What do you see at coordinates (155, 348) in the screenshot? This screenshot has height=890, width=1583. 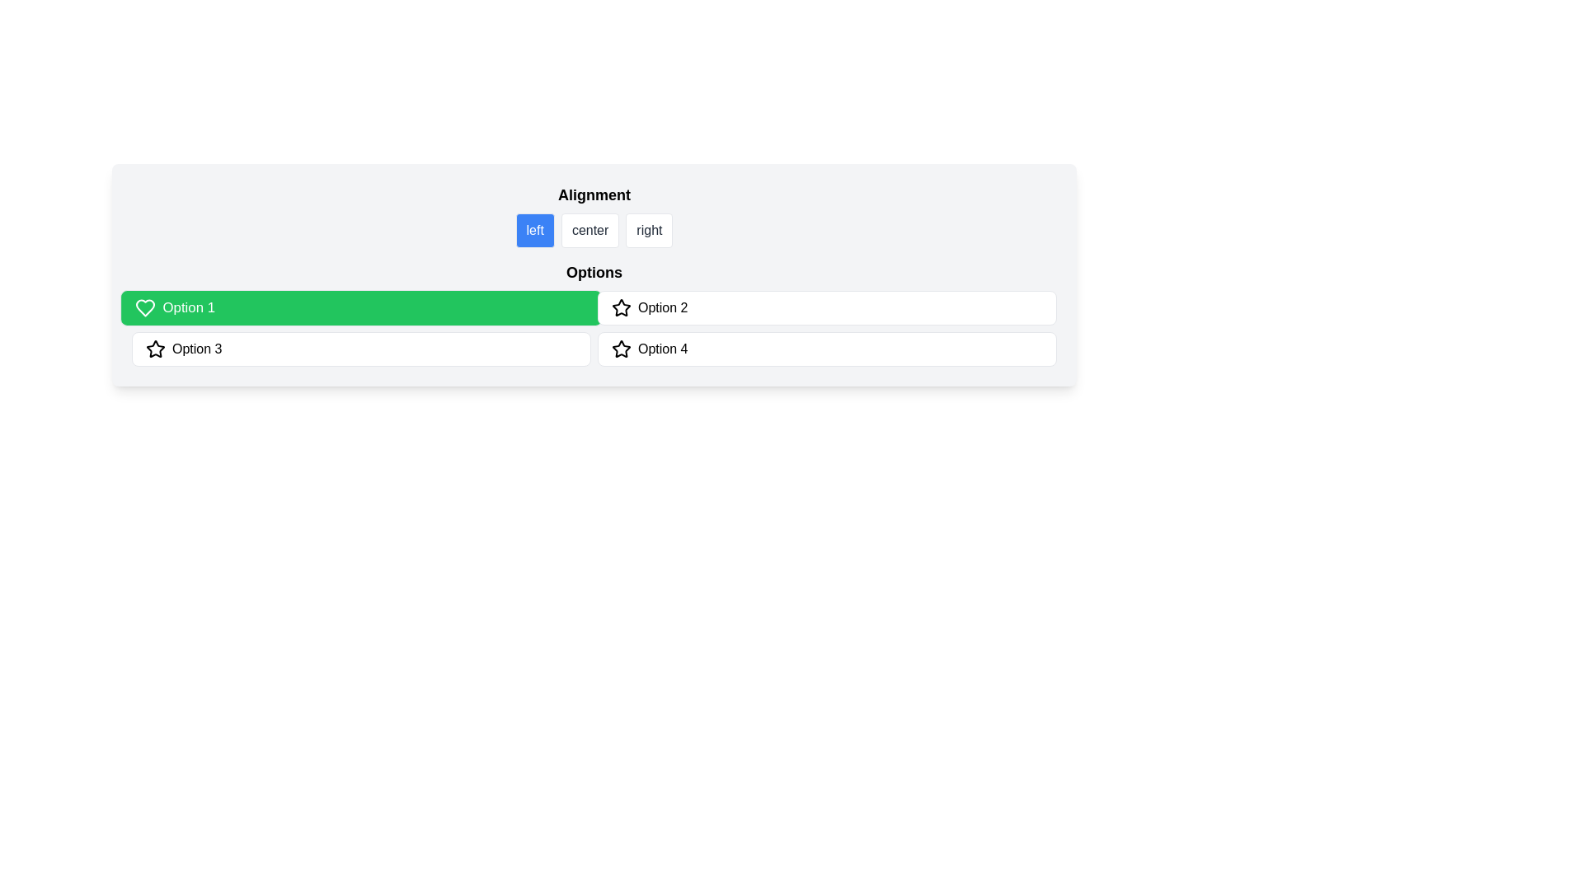 I see `the star-shaped icon located to the left of the text 'Option 2' in the second row of options` at bounding box center [155, 348].